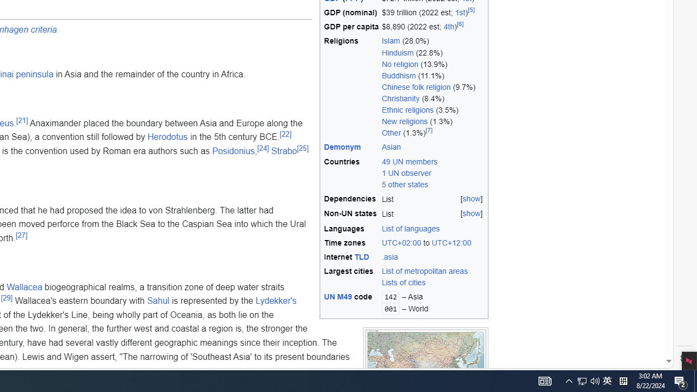 The image size is (697, 392). Describe the element at coordinates (351, 214) in the screenshot. I see `'Non-UN states'` at that location.